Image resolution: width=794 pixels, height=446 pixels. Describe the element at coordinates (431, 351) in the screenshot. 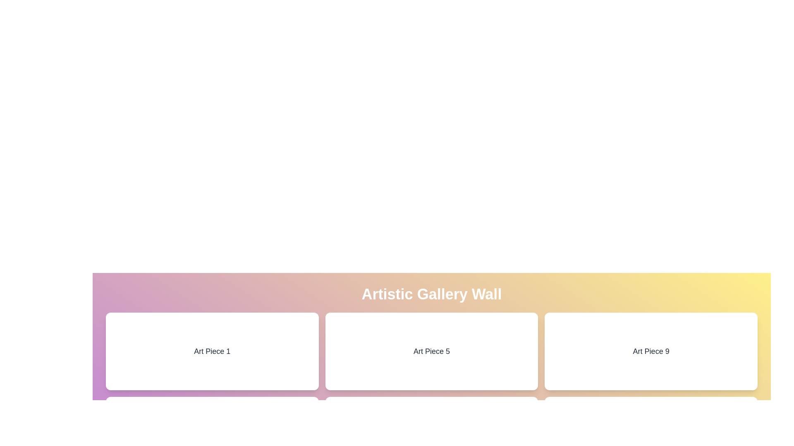

I see `the Card element showcasing 'Art Piece 5', which is centrally located as the second item in a horizontal layout among three modules` at that location.